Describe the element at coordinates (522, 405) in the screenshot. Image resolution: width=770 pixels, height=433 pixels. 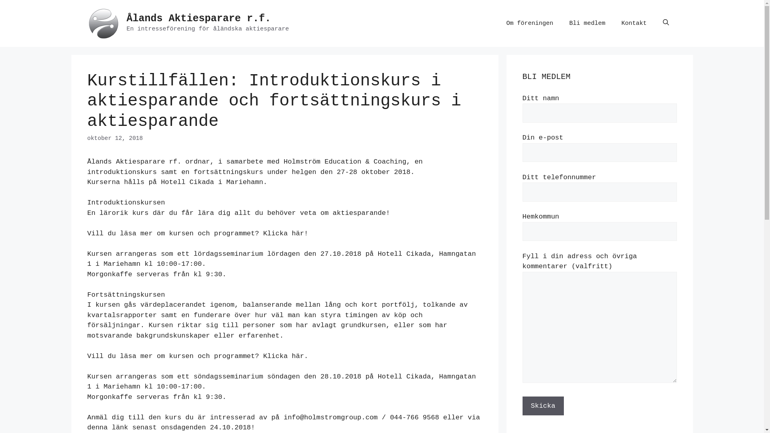
I see `'Skicka'` at that location.